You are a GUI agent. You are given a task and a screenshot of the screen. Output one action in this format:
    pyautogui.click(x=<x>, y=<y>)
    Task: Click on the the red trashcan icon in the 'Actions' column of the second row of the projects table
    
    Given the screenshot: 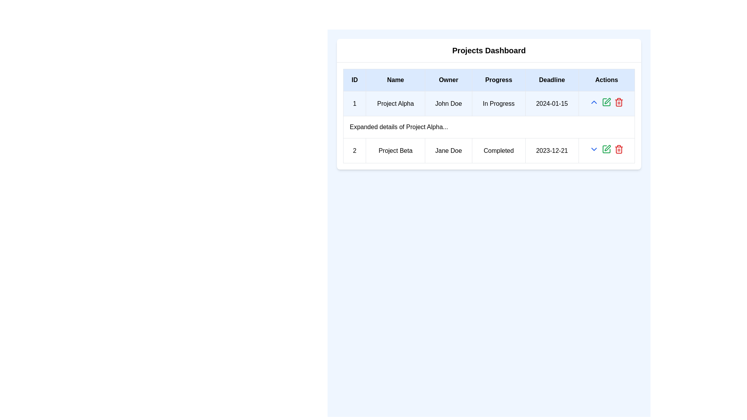 What is the action you would take?
    pyautogui.click(x=619, y=101)
    